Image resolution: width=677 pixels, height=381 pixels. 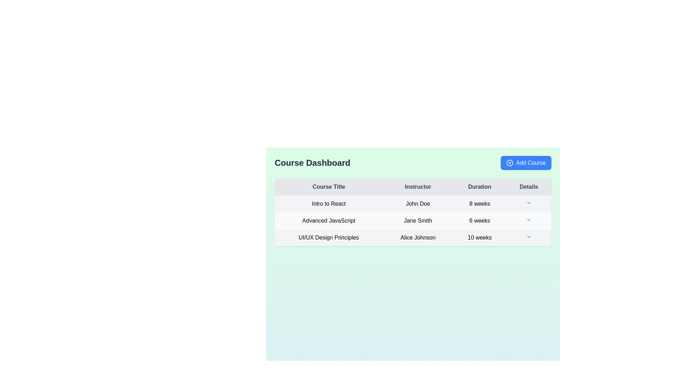 I want to click on the 'John Doe' text label in the 'Instructor' column of the first row of the table in the 'Course Dashboard', so click(x=418, y=204).